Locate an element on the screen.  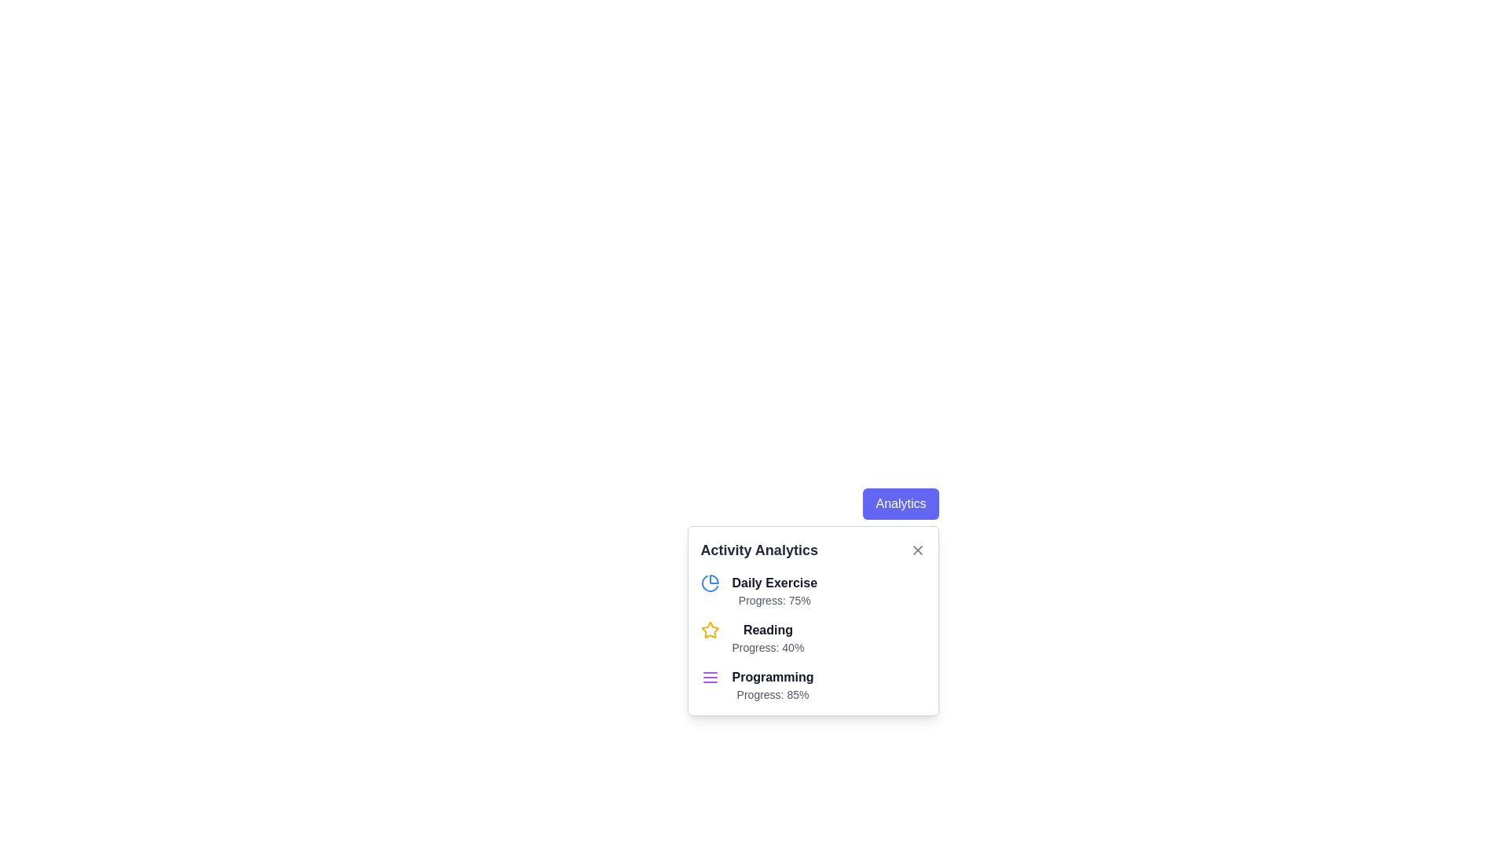
the 'Reading' text label, which is styled in bold dark gray and is part of the Activity Analytics popup, positioned between a star icon and the text 'Progress: 40%' is located at coordinates (768, 629).